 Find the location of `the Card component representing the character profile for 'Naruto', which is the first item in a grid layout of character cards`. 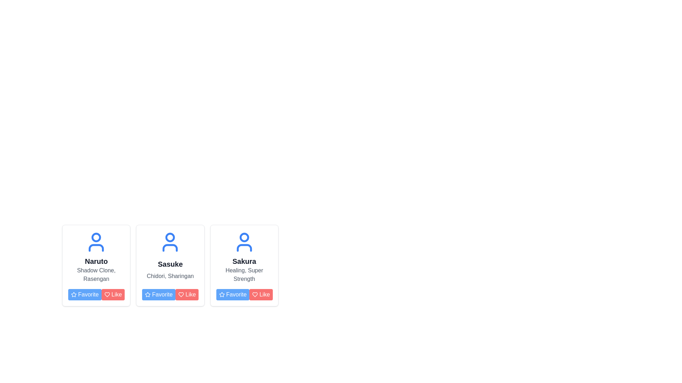

the Card component representing the character profile for 'Naruto', which is the first item in a grid layout of character cards is located at coordinates (96, 265).